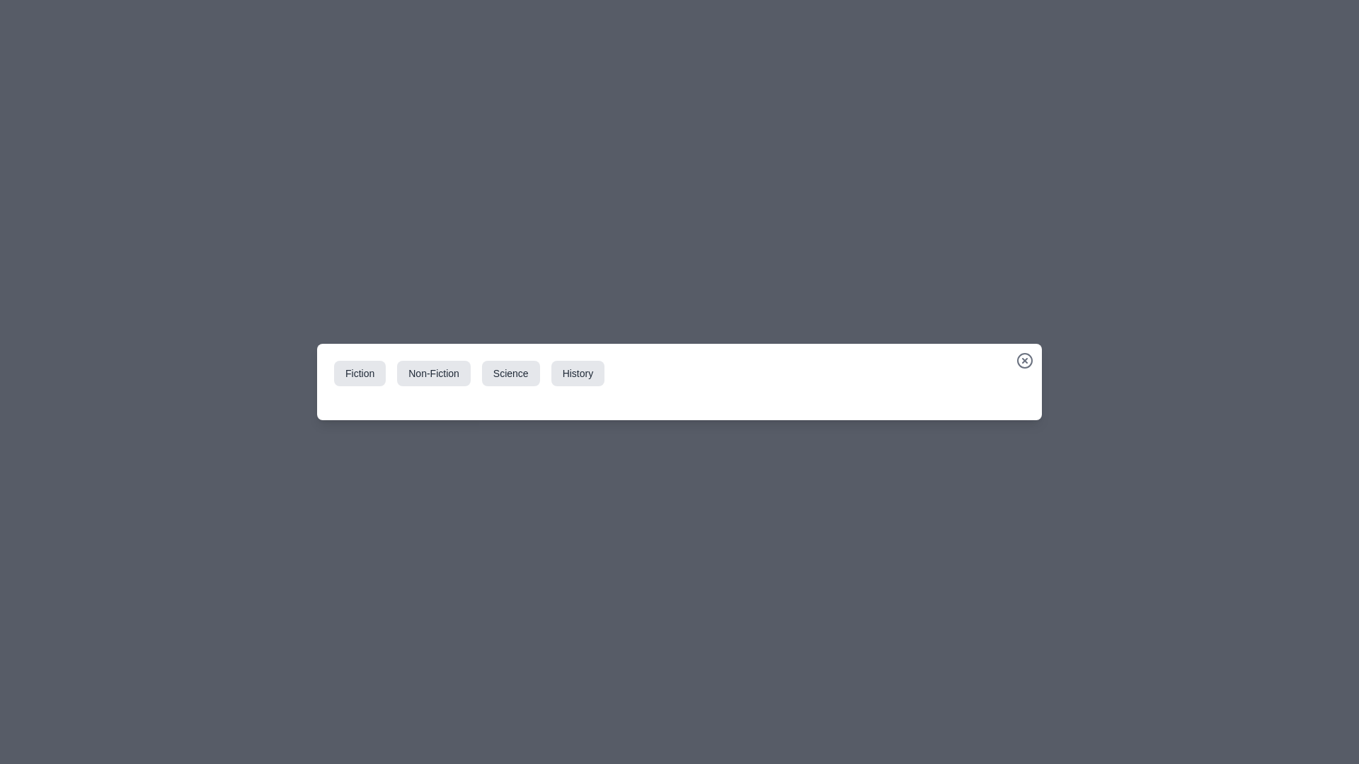  What do you see at coordinates (578, 373) in the screenshot?
I see `the History tab` at bounding box center [578, 373].